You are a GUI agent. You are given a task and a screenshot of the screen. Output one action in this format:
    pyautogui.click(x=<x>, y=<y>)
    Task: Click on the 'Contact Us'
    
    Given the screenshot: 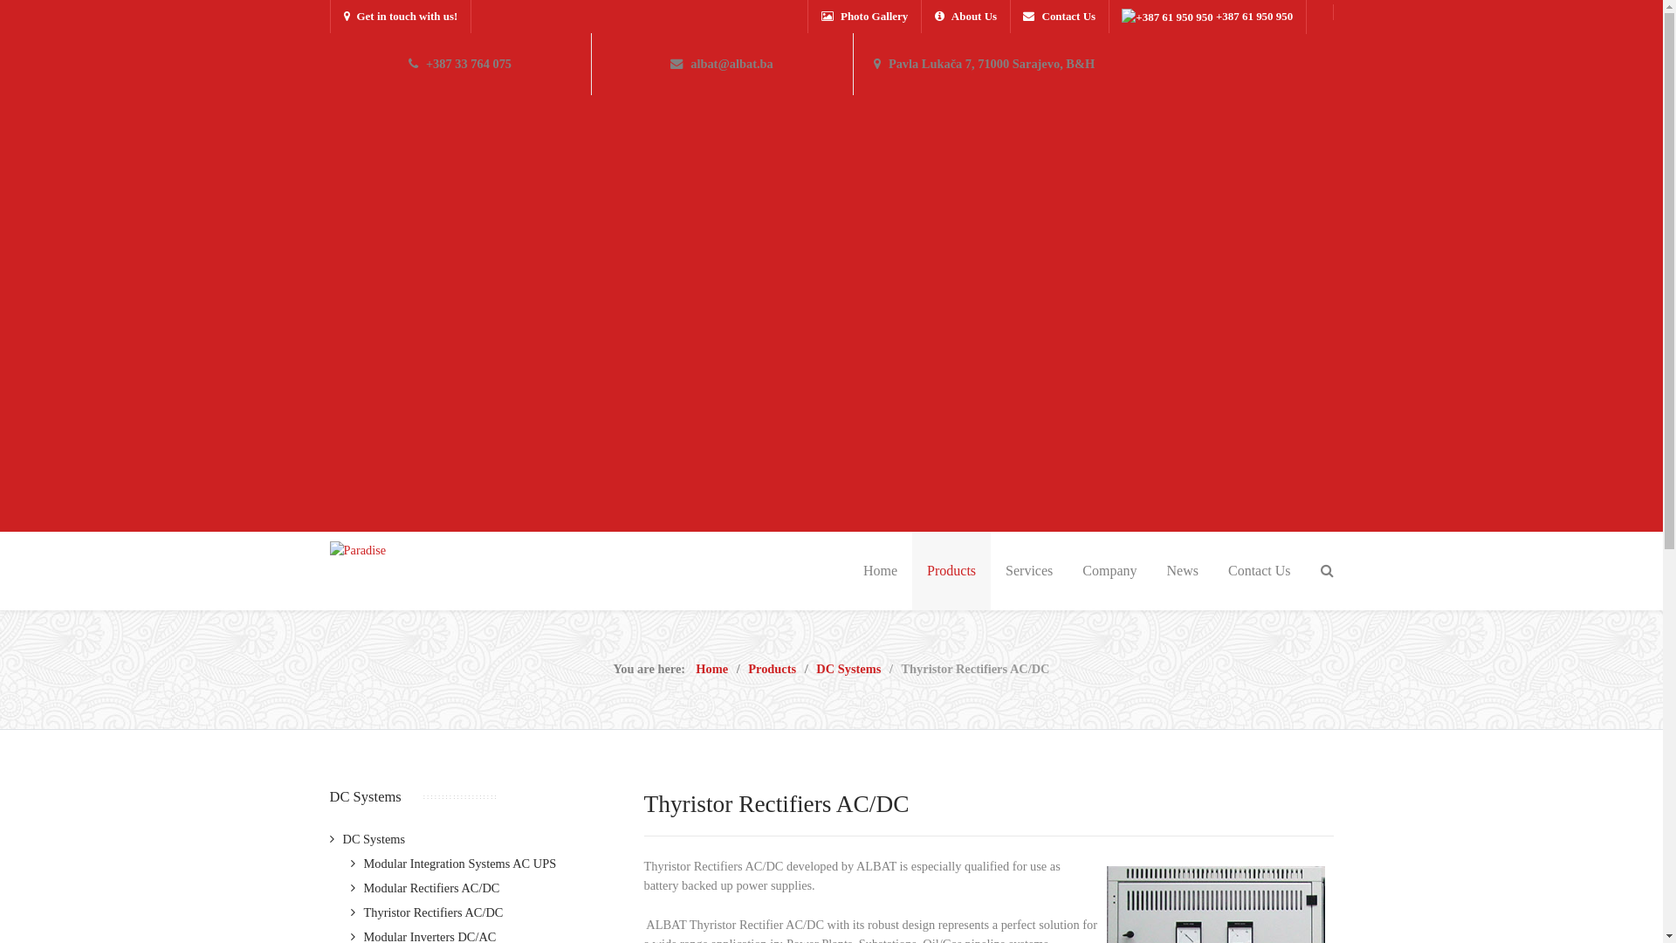 What is the action you would take?
    pyautogui.click(x=888, y=690)
    